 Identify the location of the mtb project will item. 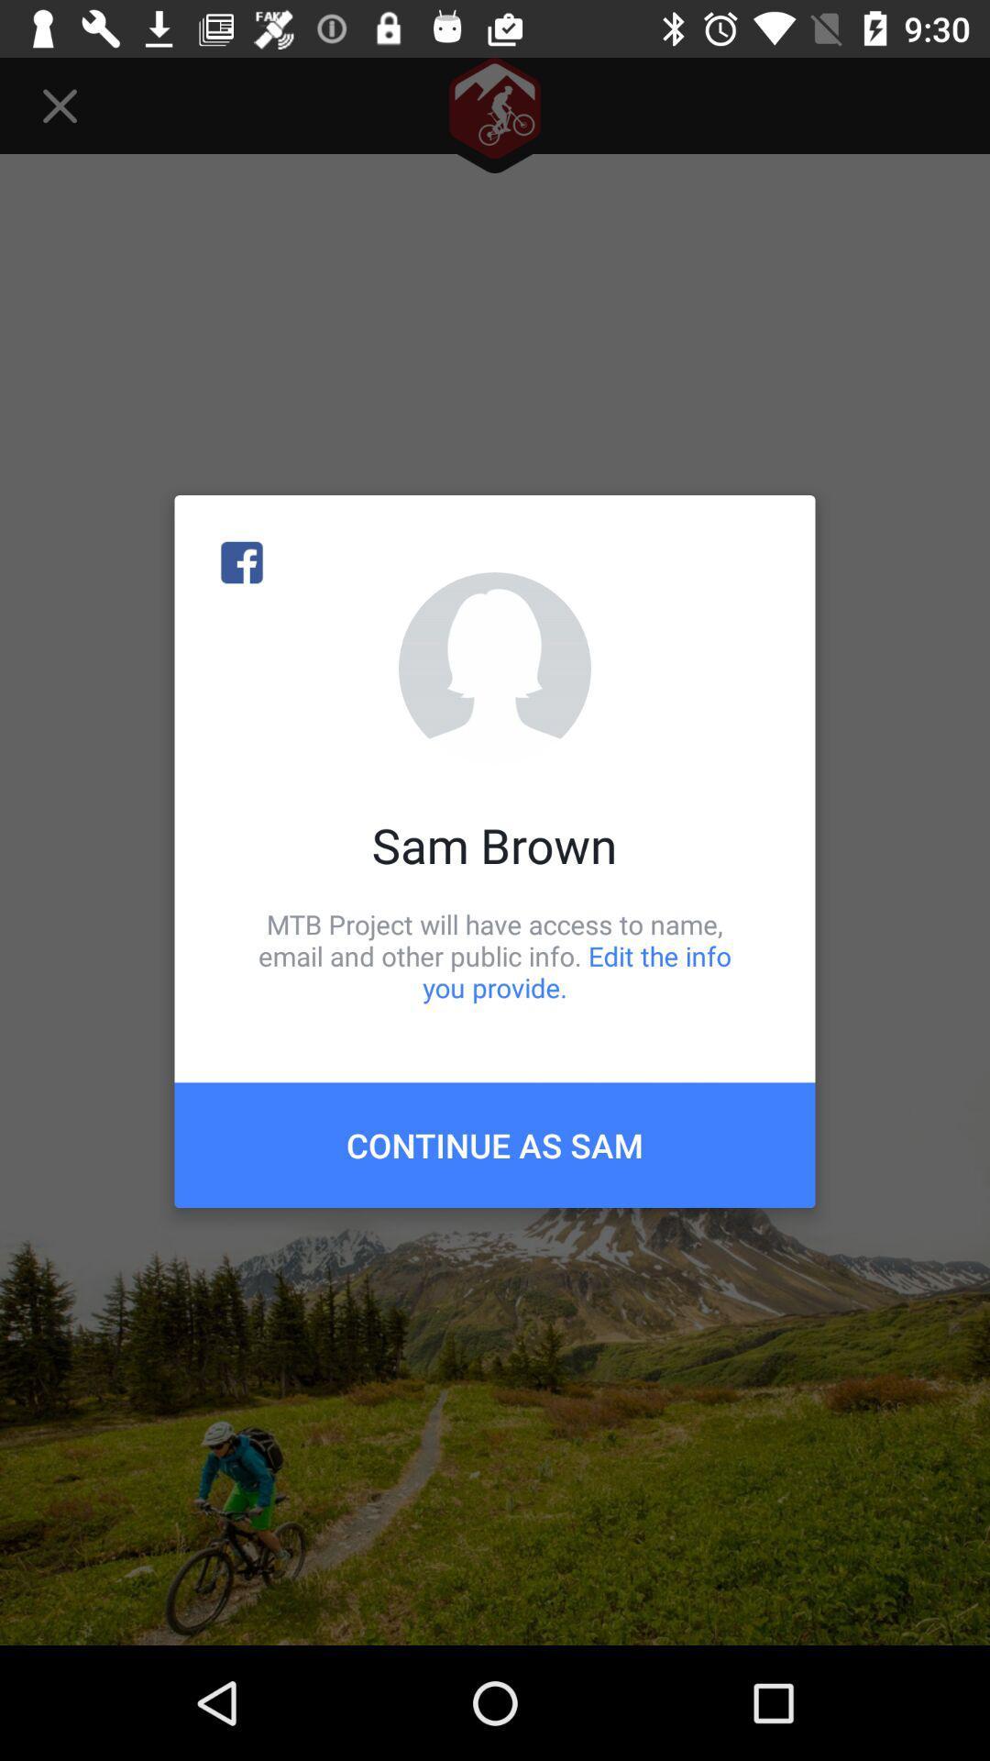
(495, 955).